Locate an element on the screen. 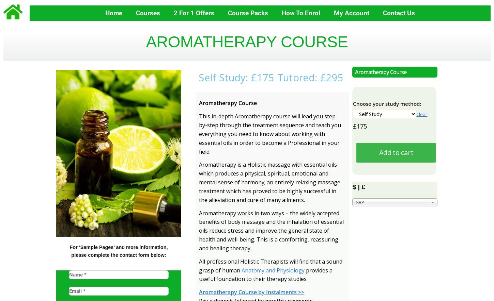  'Contact Us' is located at coordinates (382, 13).